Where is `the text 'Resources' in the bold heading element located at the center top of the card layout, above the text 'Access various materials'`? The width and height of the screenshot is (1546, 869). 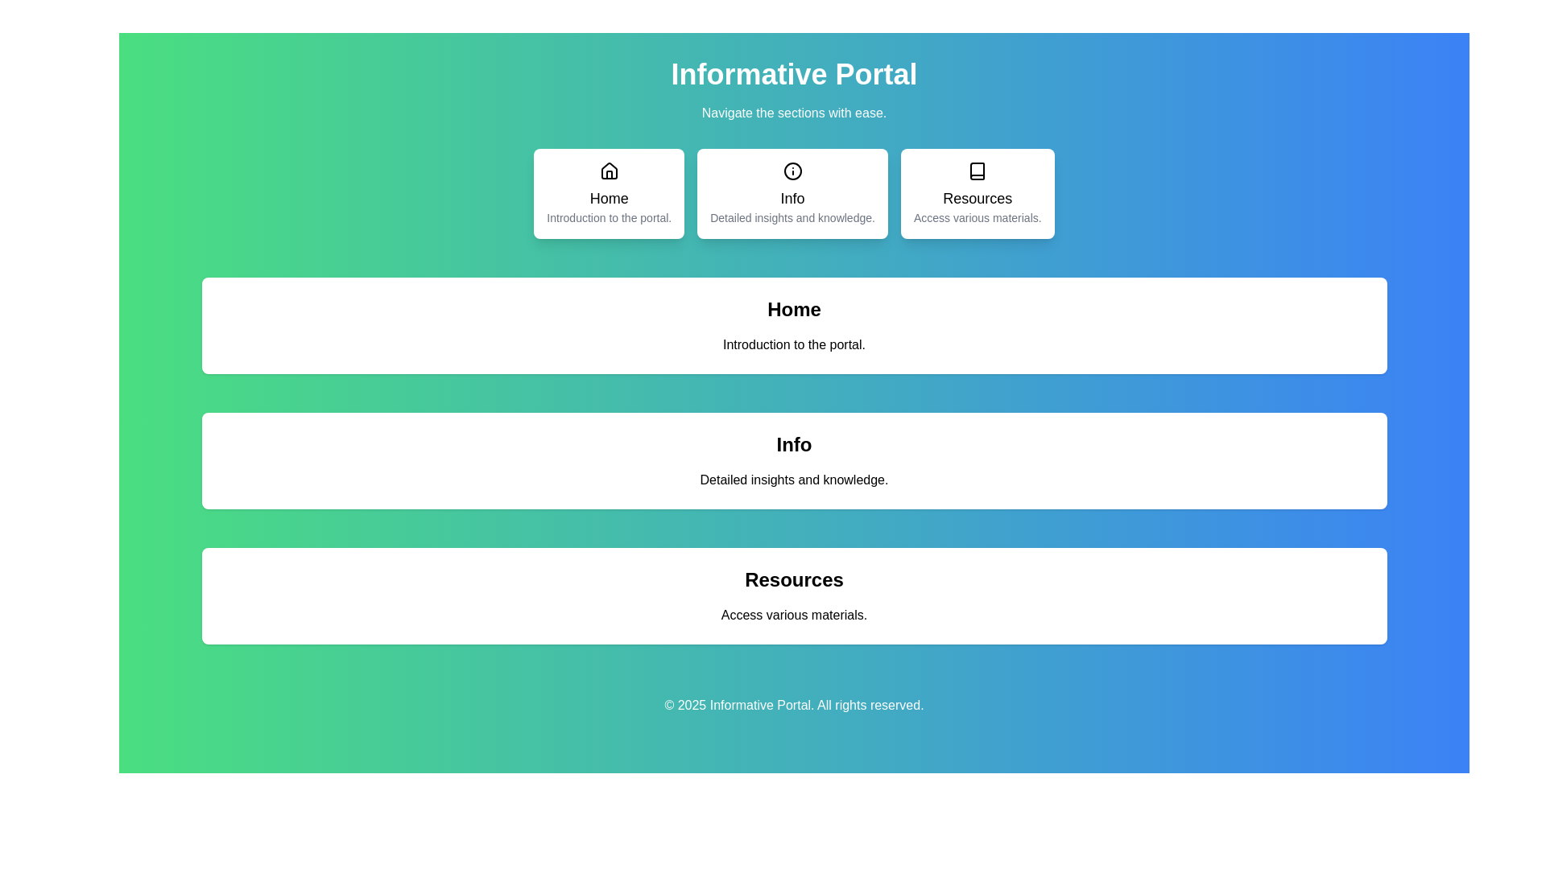
the text 'Resources' in the bold heading element located at the center top of the card layout, above the text 'Access various materials' is located at coordinates (794, 580).